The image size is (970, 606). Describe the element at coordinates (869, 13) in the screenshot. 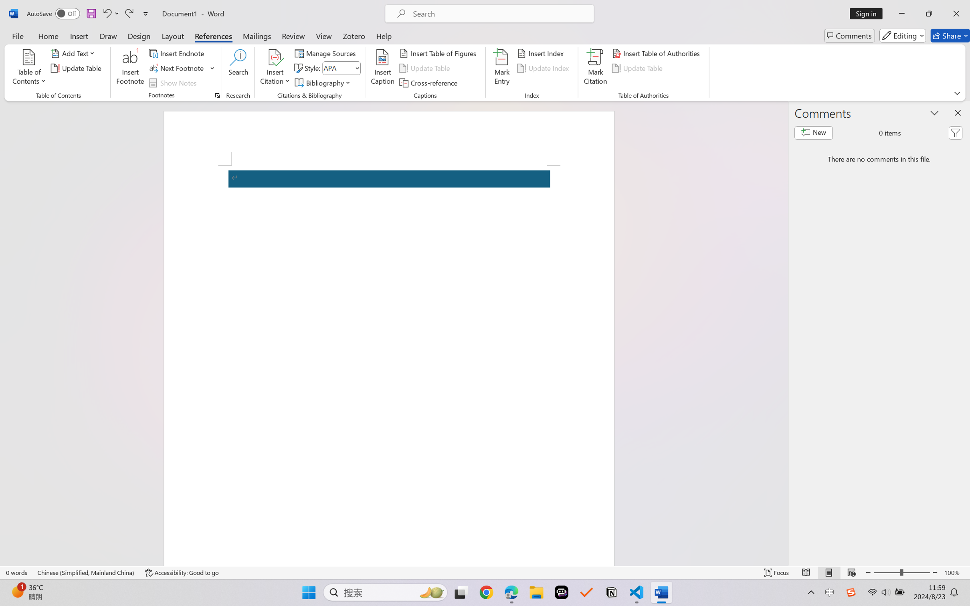

I see `'Sign in'` at that location.